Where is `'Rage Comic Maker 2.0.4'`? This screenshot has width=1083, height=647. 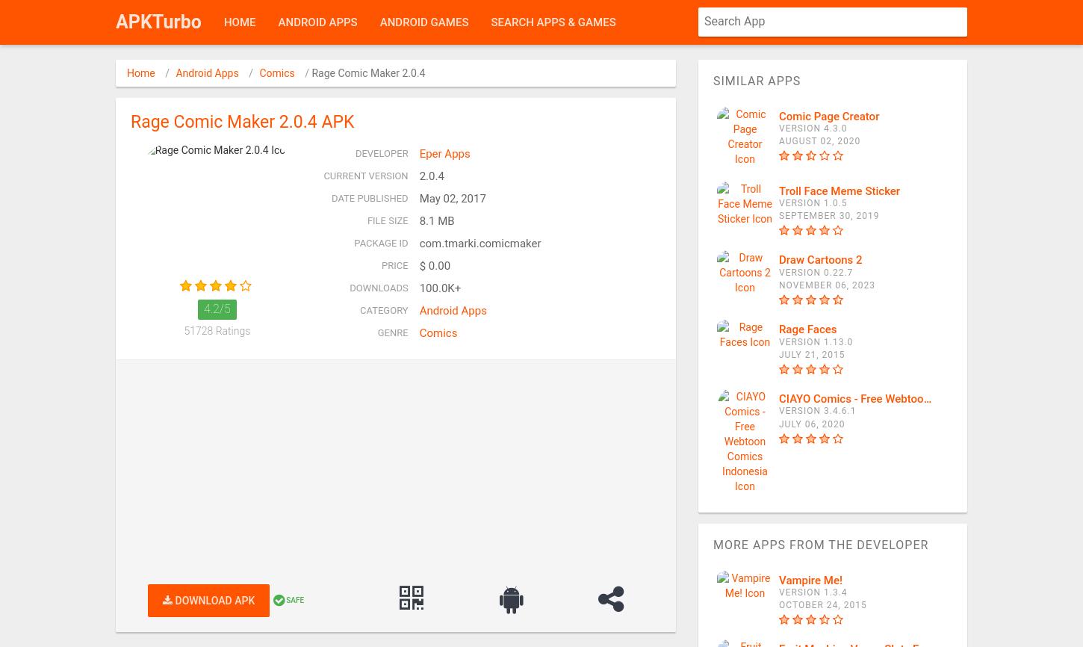 'Rage Comic Maker 2.0.4' is located at coordinates (368, 73).